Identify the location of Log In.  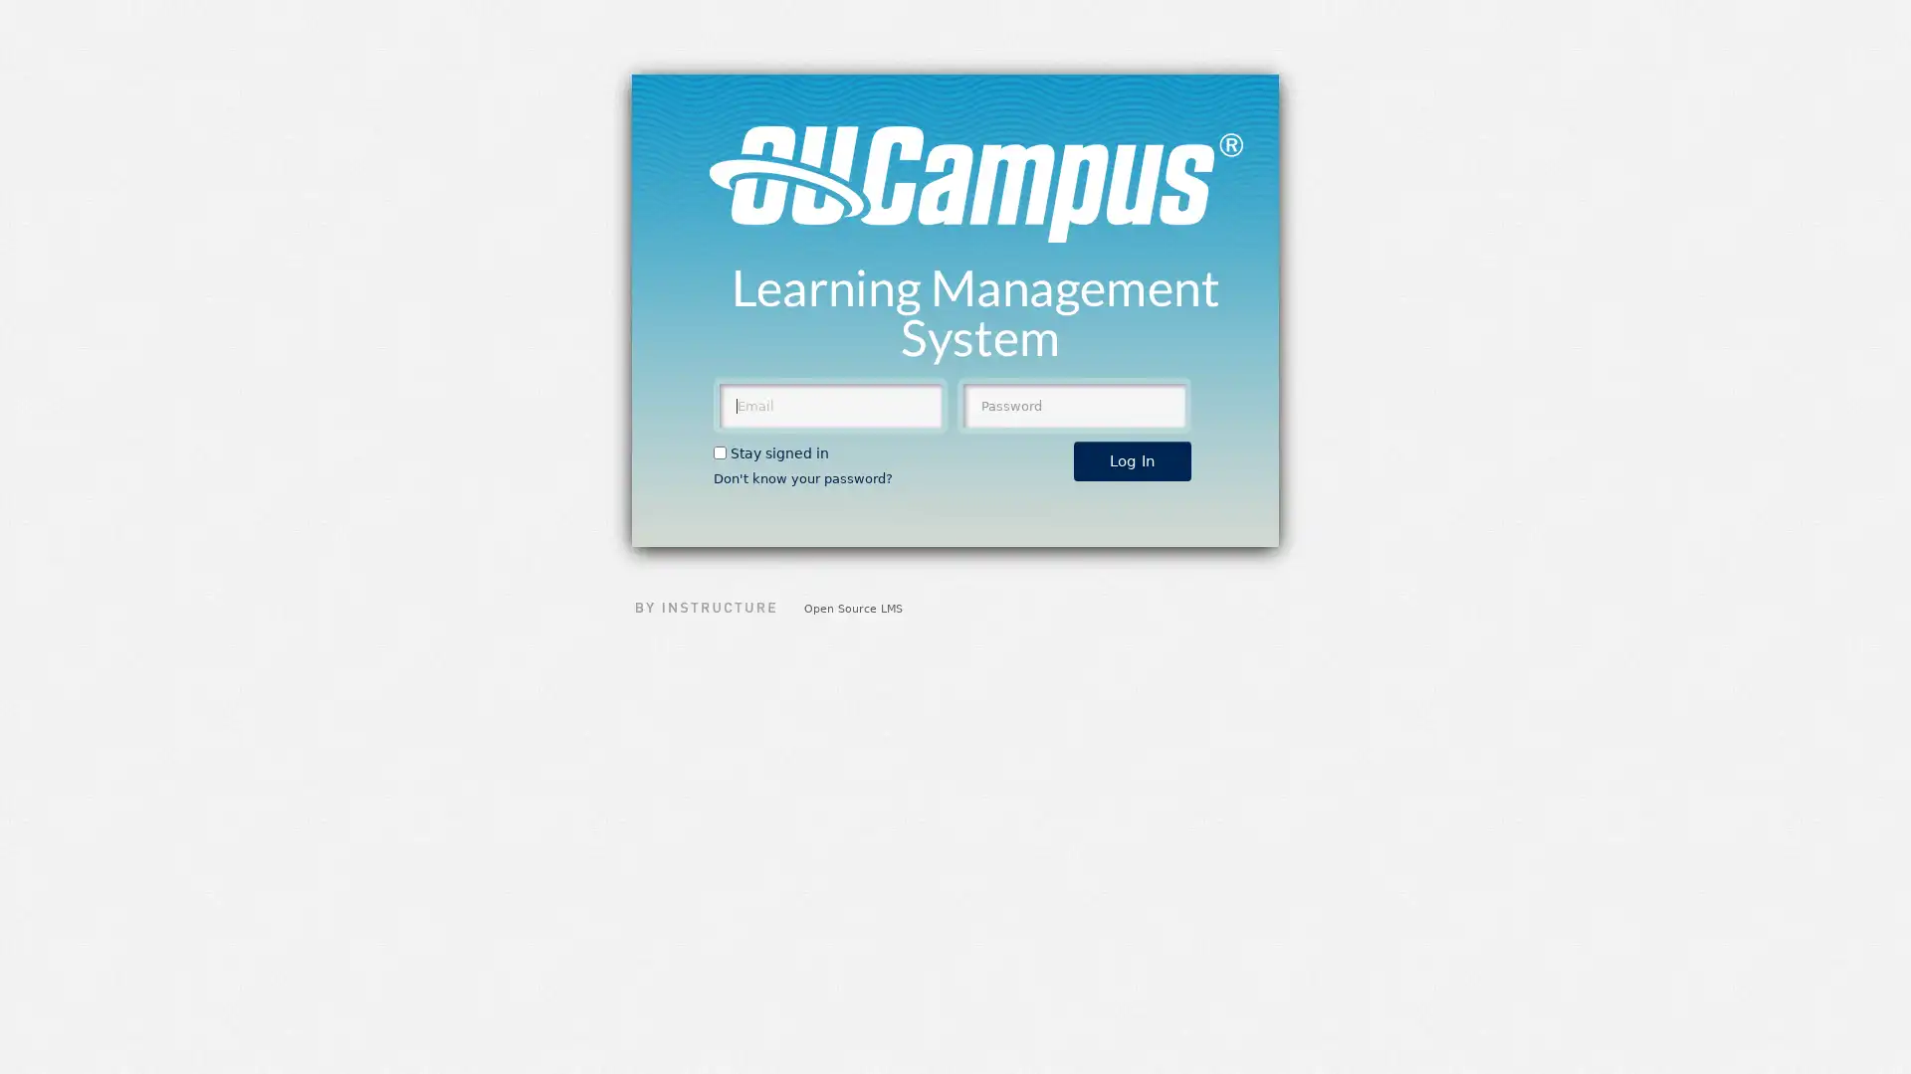
(1132, 460).